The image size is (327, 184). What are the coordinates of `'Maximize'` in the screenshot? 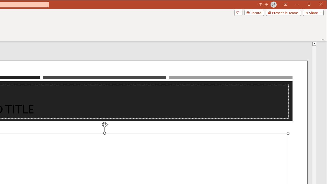 It's located at (316, 5).